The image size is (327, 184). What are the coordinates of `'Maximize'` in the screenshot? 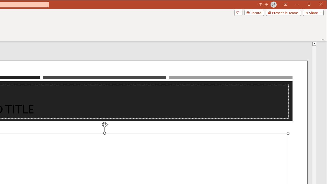 It's located at (316, 5).